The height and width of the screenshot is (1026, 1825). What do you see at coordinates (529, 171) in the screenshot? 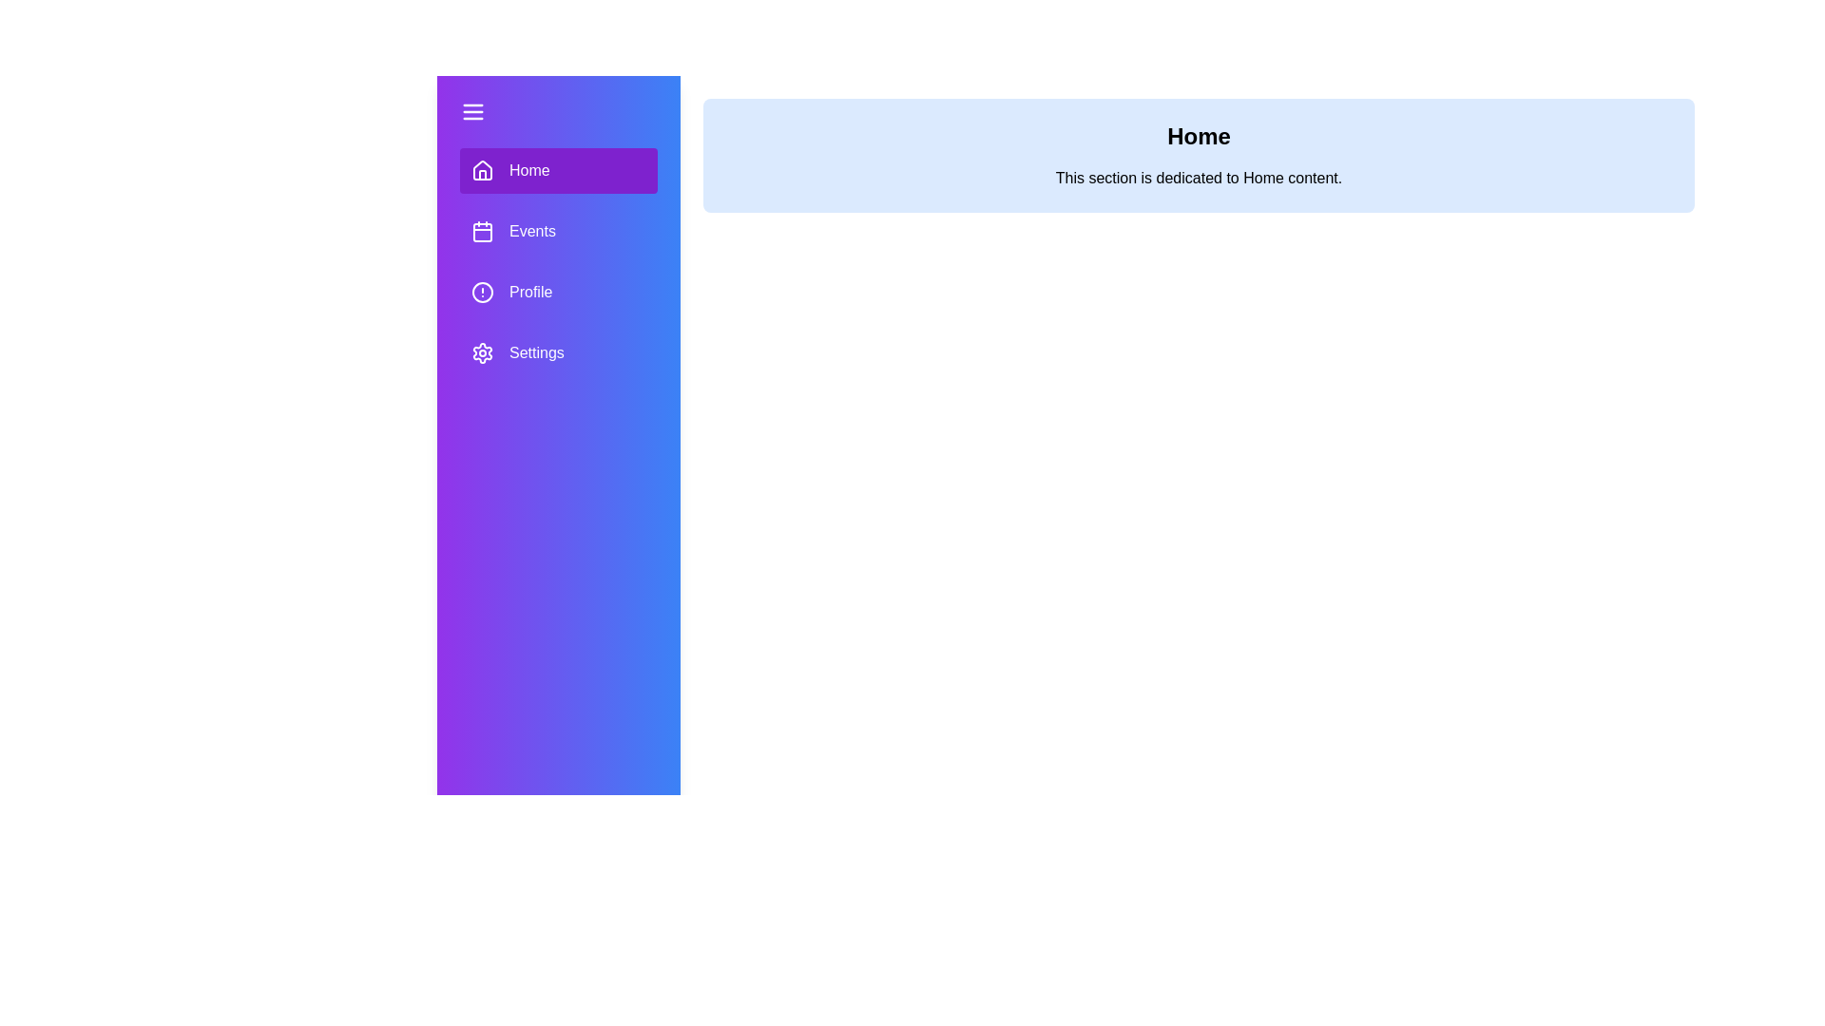
I see `the 'Home' text label in the vertical navigation panel, which indicates navigation to the home section of the application` at bounding box center [529, 171].